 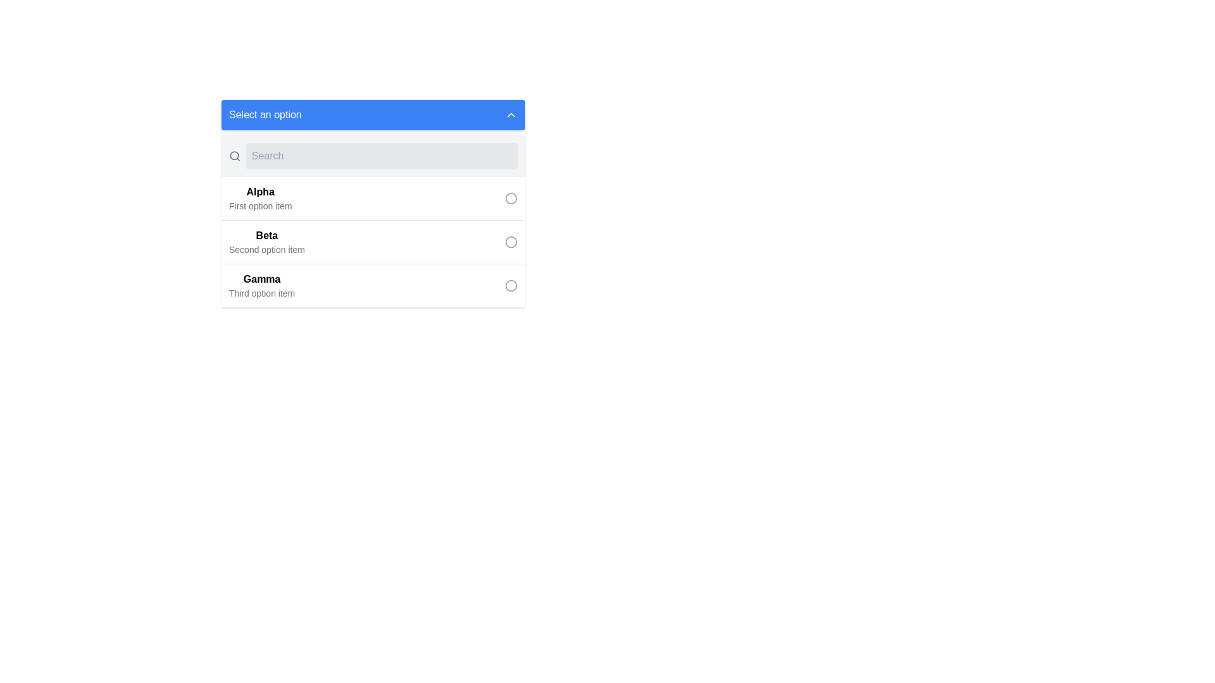 I want to click on the circle icon located at the far-right side of the 'Gamma' option in the dropdown menu, so click(x=511, y=285).